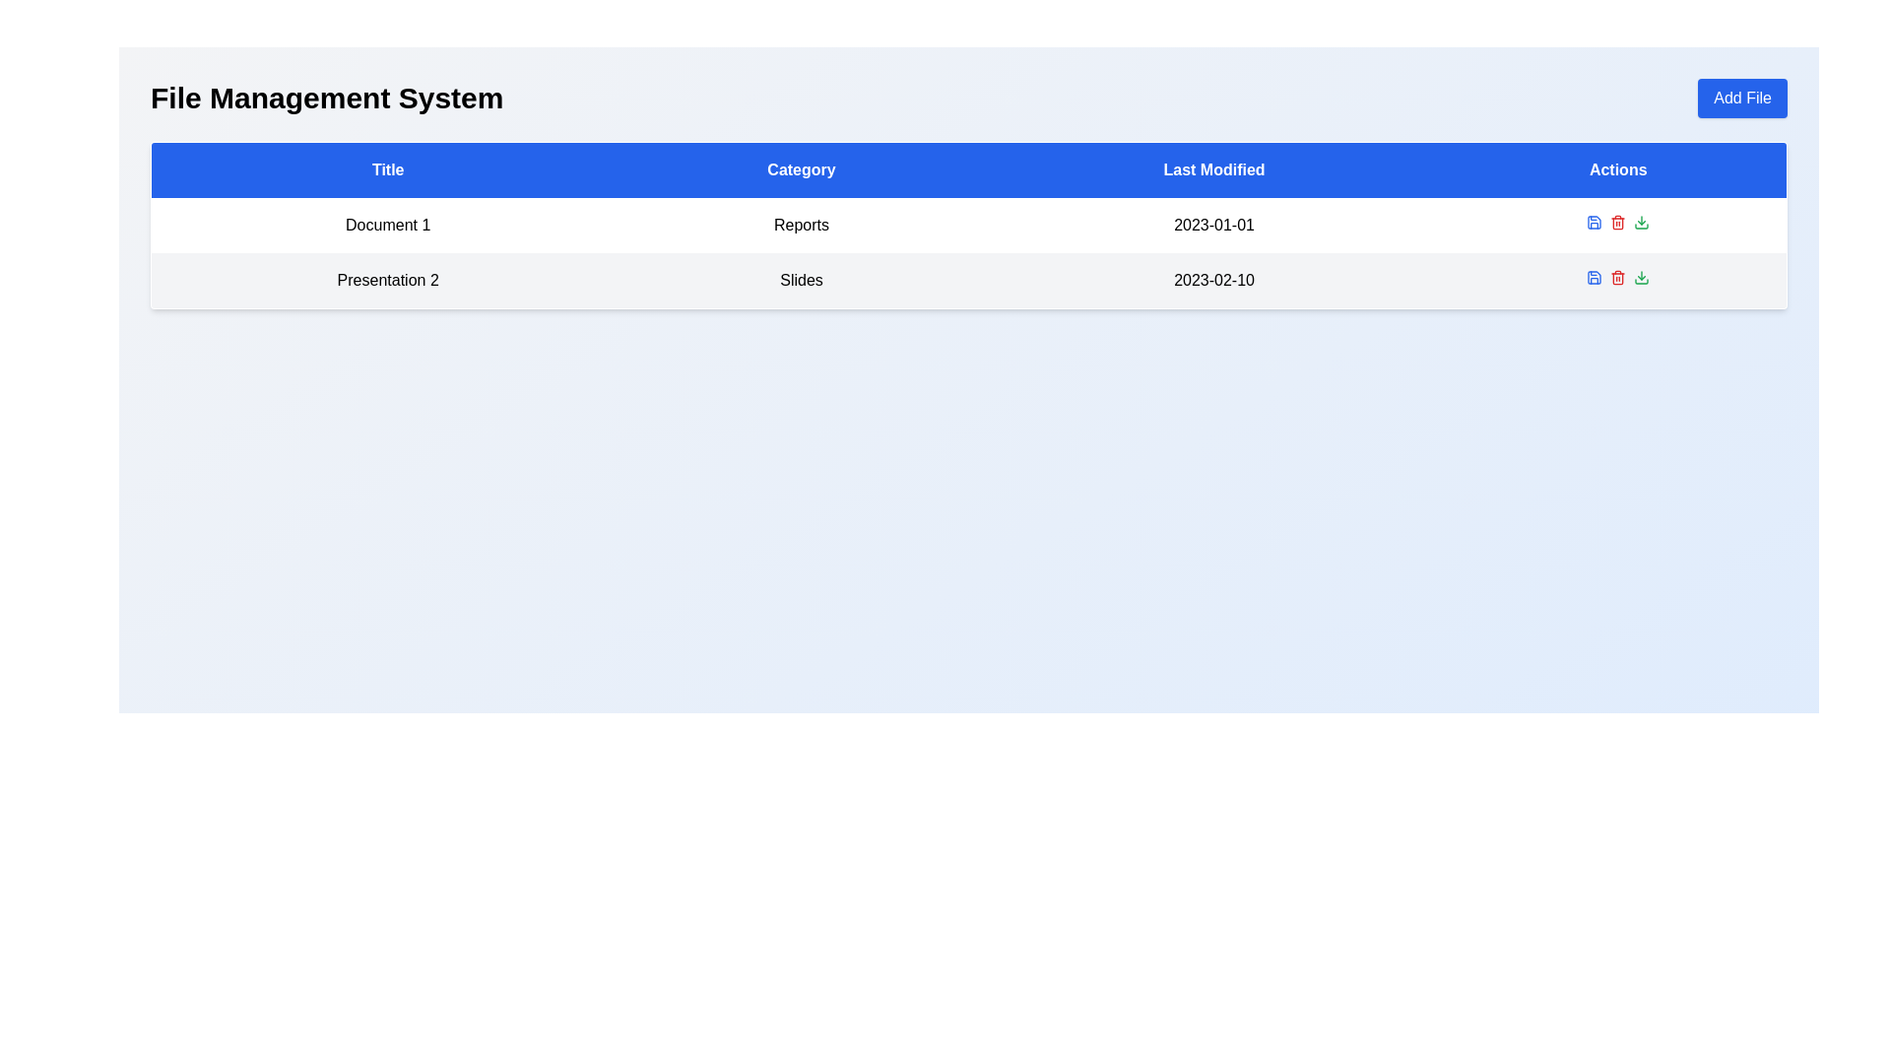 Image resolution: width=1891 pixels, height=1064 pixels. I want to click on the 'Save' icon located in the 'Actions' column of the second row in the table, which is part of a grouped SVG element, so click(1595, 222).